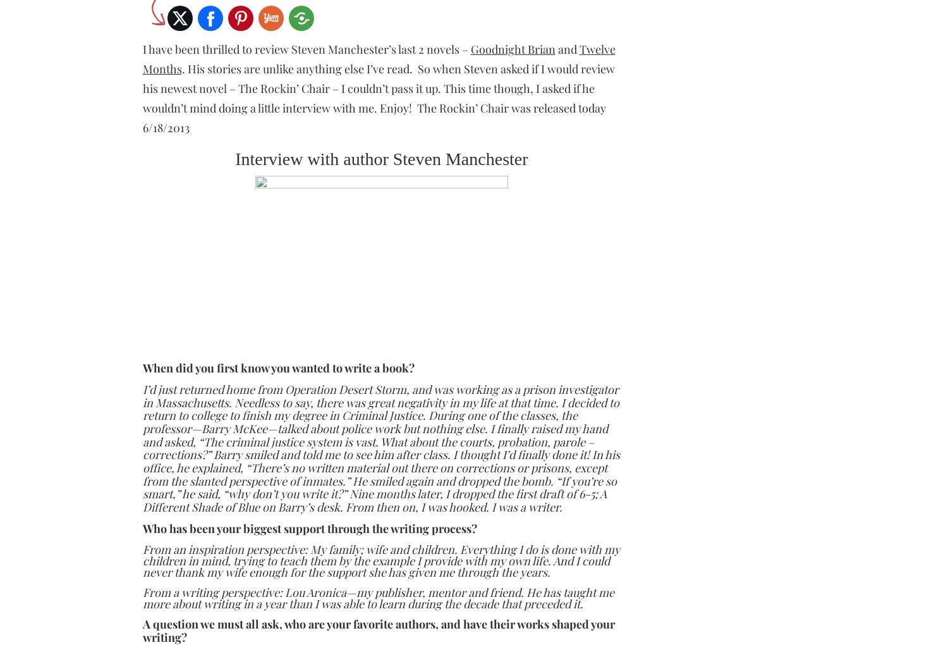 The height and width of the screenshot is (645, 948). What do you see at coordinates (377, 597) in the screenshot?
I see `'From a writing perspective: Lou Aronica—my publisher, mentor and friend. He has taught me more about writing in a year than I was able to learn during the decade that preceded it.'` at bounding box center [377, 597].